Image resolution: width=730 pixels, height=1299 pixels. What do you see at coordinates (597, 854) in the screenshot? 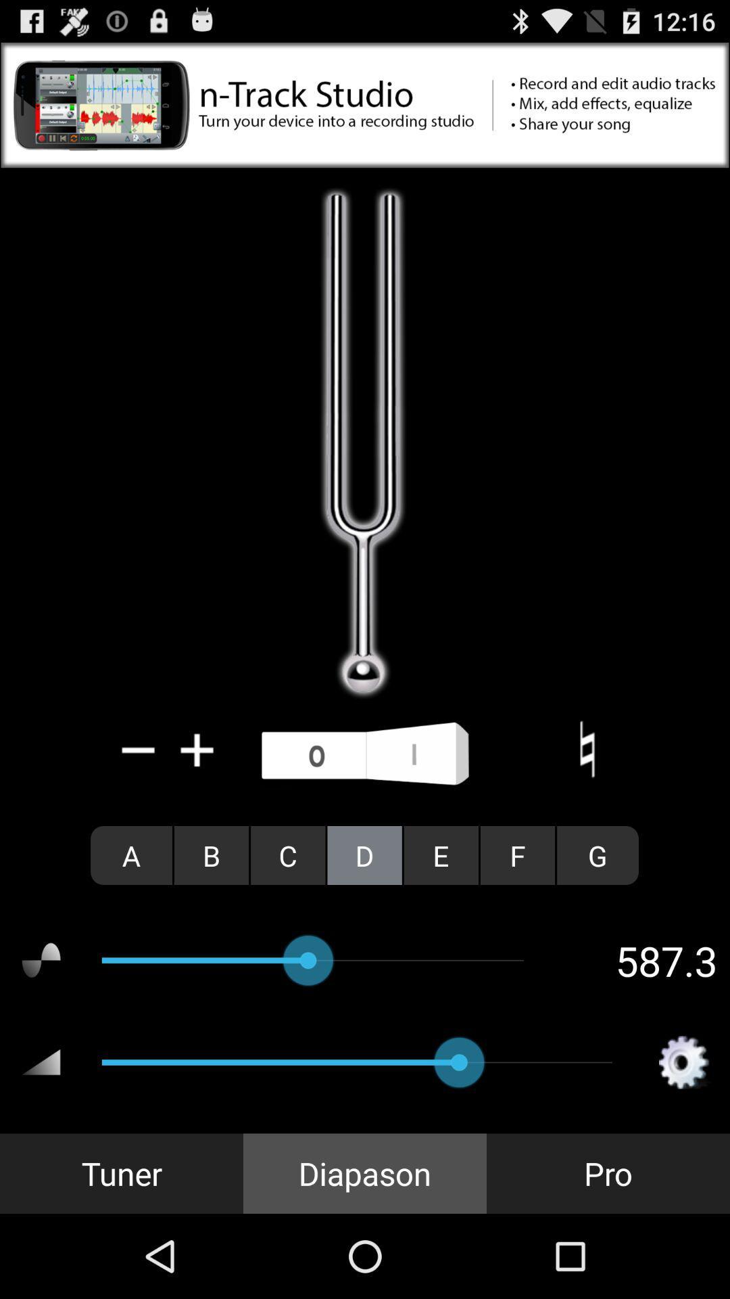
I see `radio button next to the f item` at bounding box center [597, 854].